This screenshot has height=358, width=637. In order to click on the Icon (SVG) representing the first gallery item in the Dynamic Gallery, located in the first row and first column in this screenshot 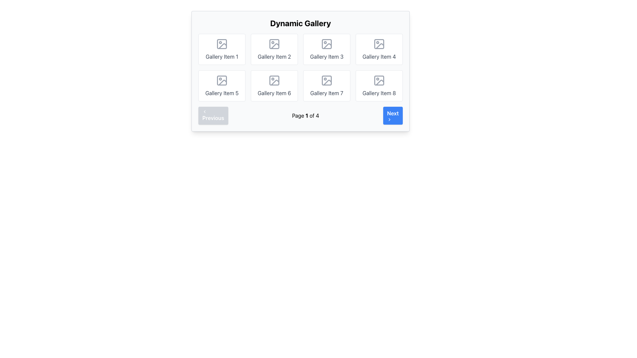, I will do `click(222, 44)`.